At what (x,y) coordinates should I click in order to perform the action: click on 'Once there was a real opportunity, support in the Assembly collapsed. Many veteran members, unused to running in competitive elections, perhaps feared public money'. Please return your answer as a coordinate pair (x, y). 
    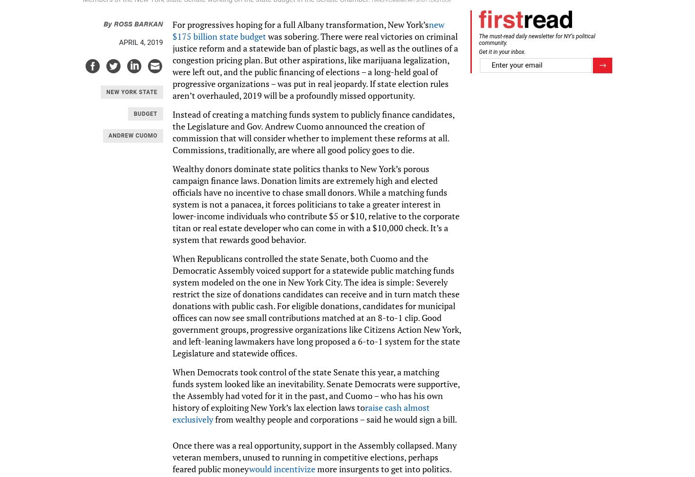
    Looking at the image, I should click on (314, 457).